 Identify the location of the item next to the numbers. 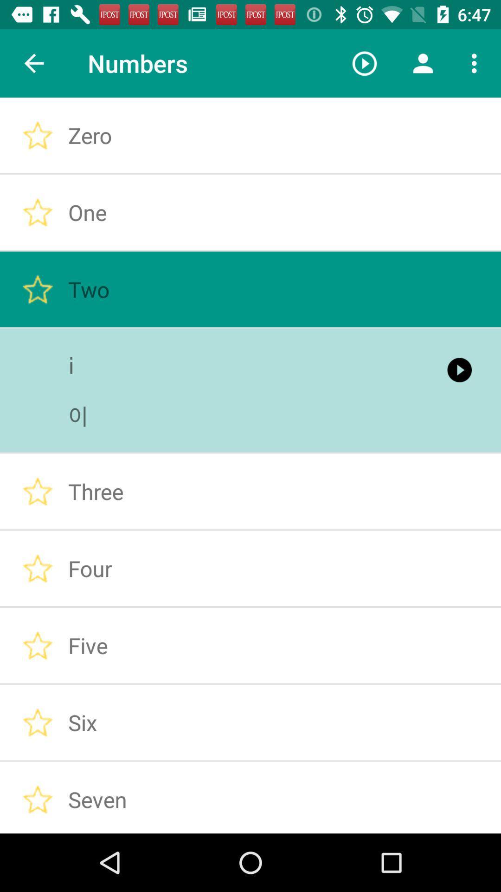
(33, 63).